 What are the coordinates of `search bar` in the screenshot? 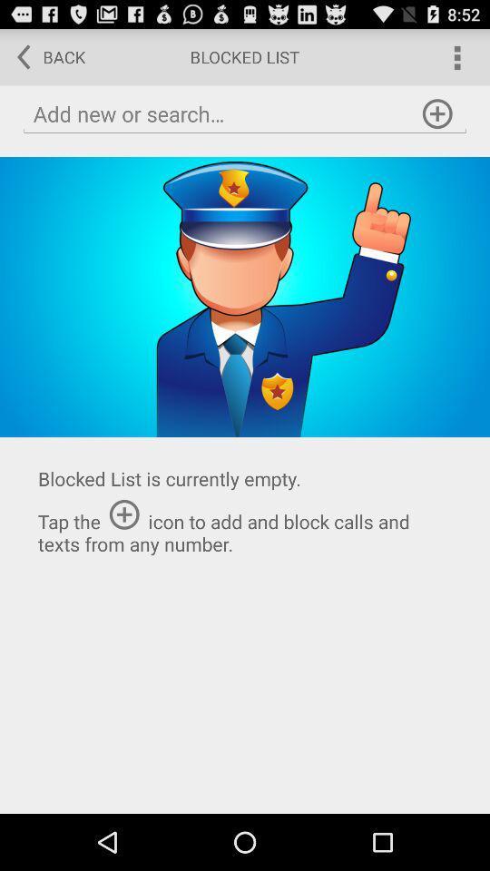 It's located at (245, 113).